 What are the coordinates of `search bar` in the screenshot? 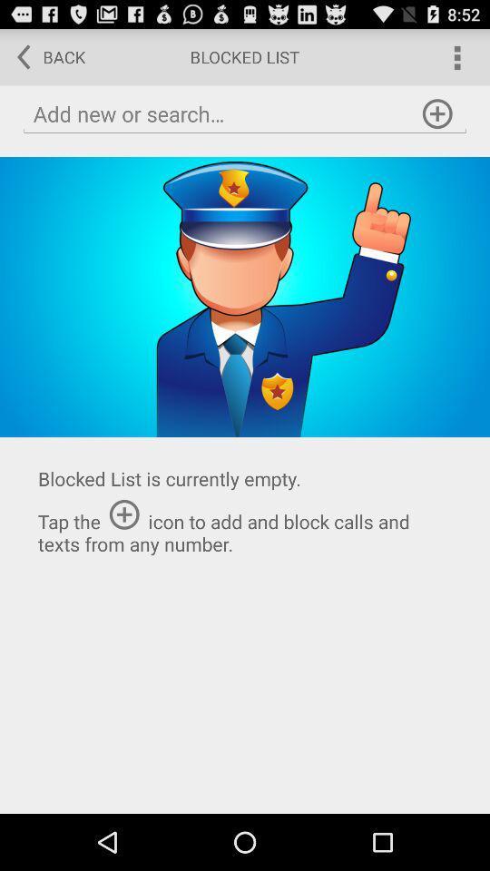 It's located at (245, 113).